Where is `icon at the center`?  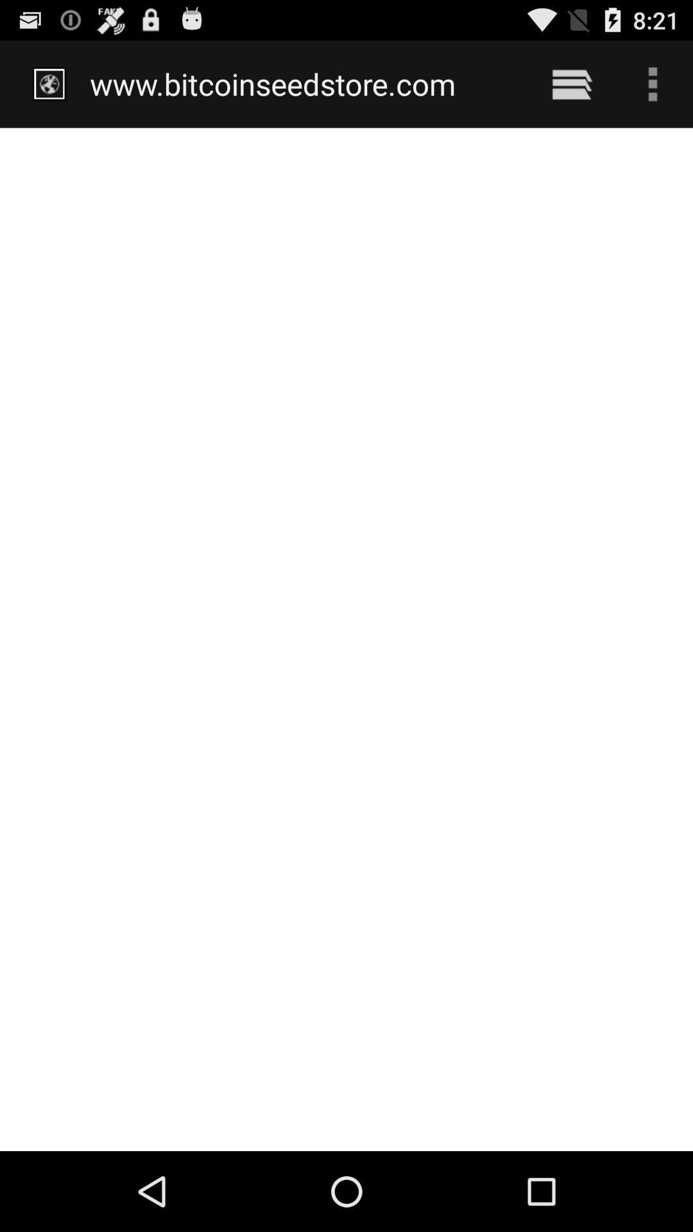
icon at the center is located at coordinates (346, 639).